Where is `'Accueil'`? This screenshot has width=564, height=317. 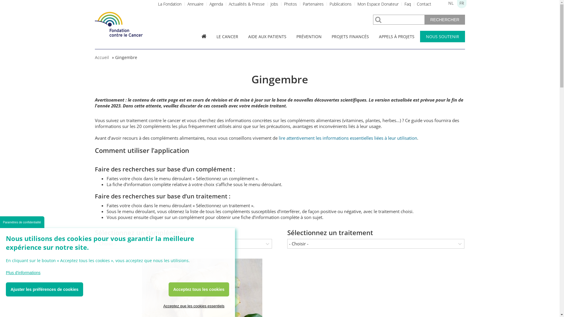
'Accueil' is located at coordinates (101, 57).